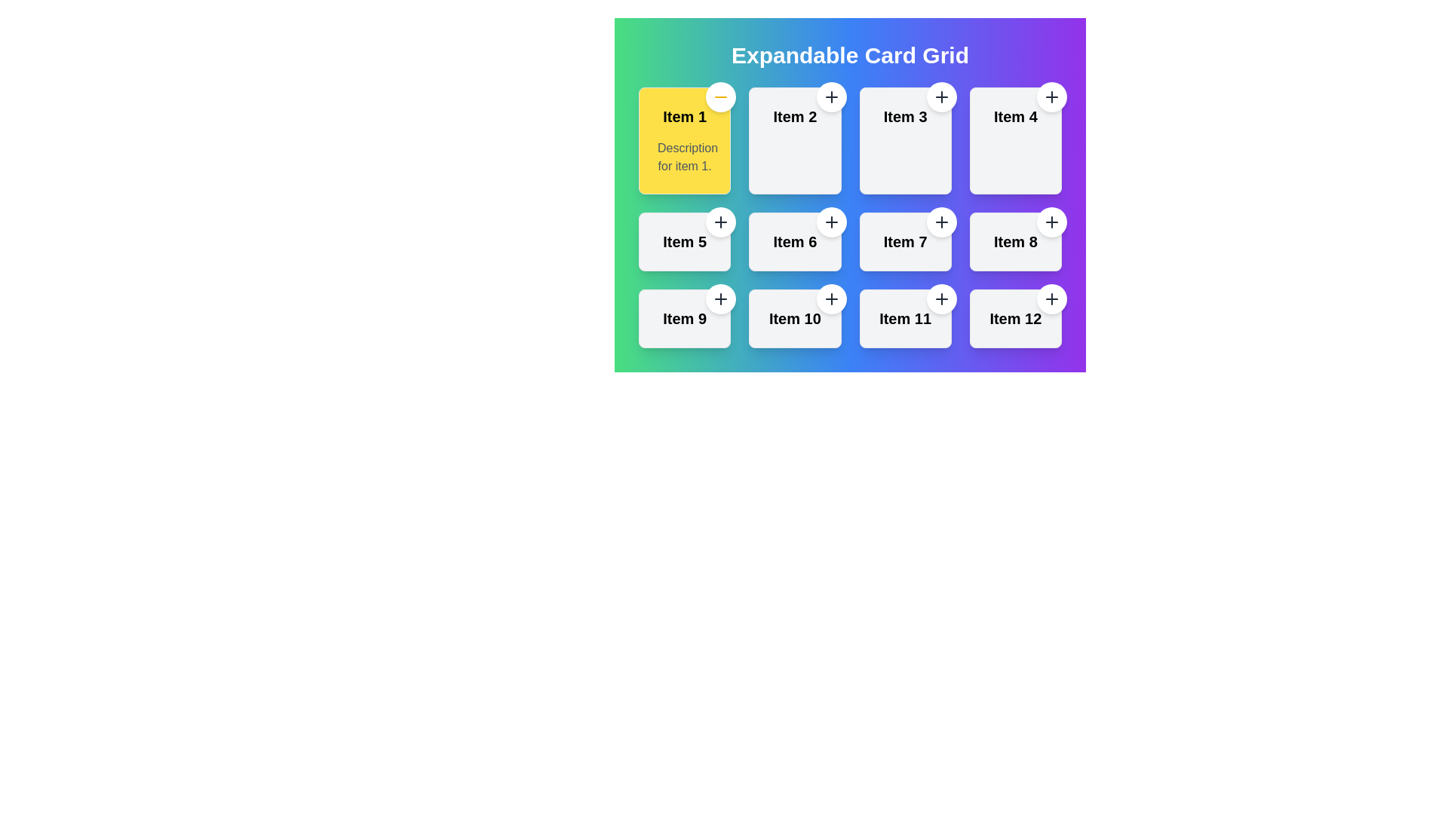  Describe the element at coordinates (850, 54) in the screenshot. I see `the large text heading 'Expandable Card Grid' which is styled in bold white font against a vibrant gradient background` at that location.